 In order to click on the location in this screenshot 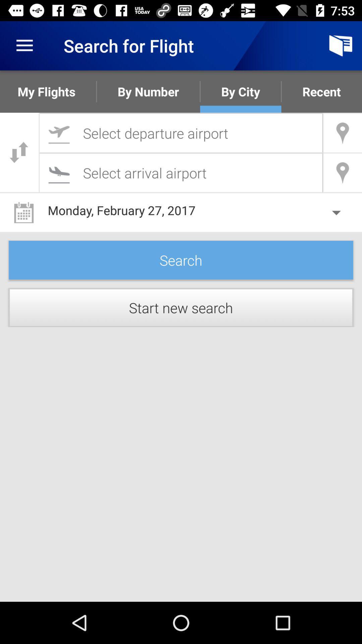, I will do `click(181, 133)`.